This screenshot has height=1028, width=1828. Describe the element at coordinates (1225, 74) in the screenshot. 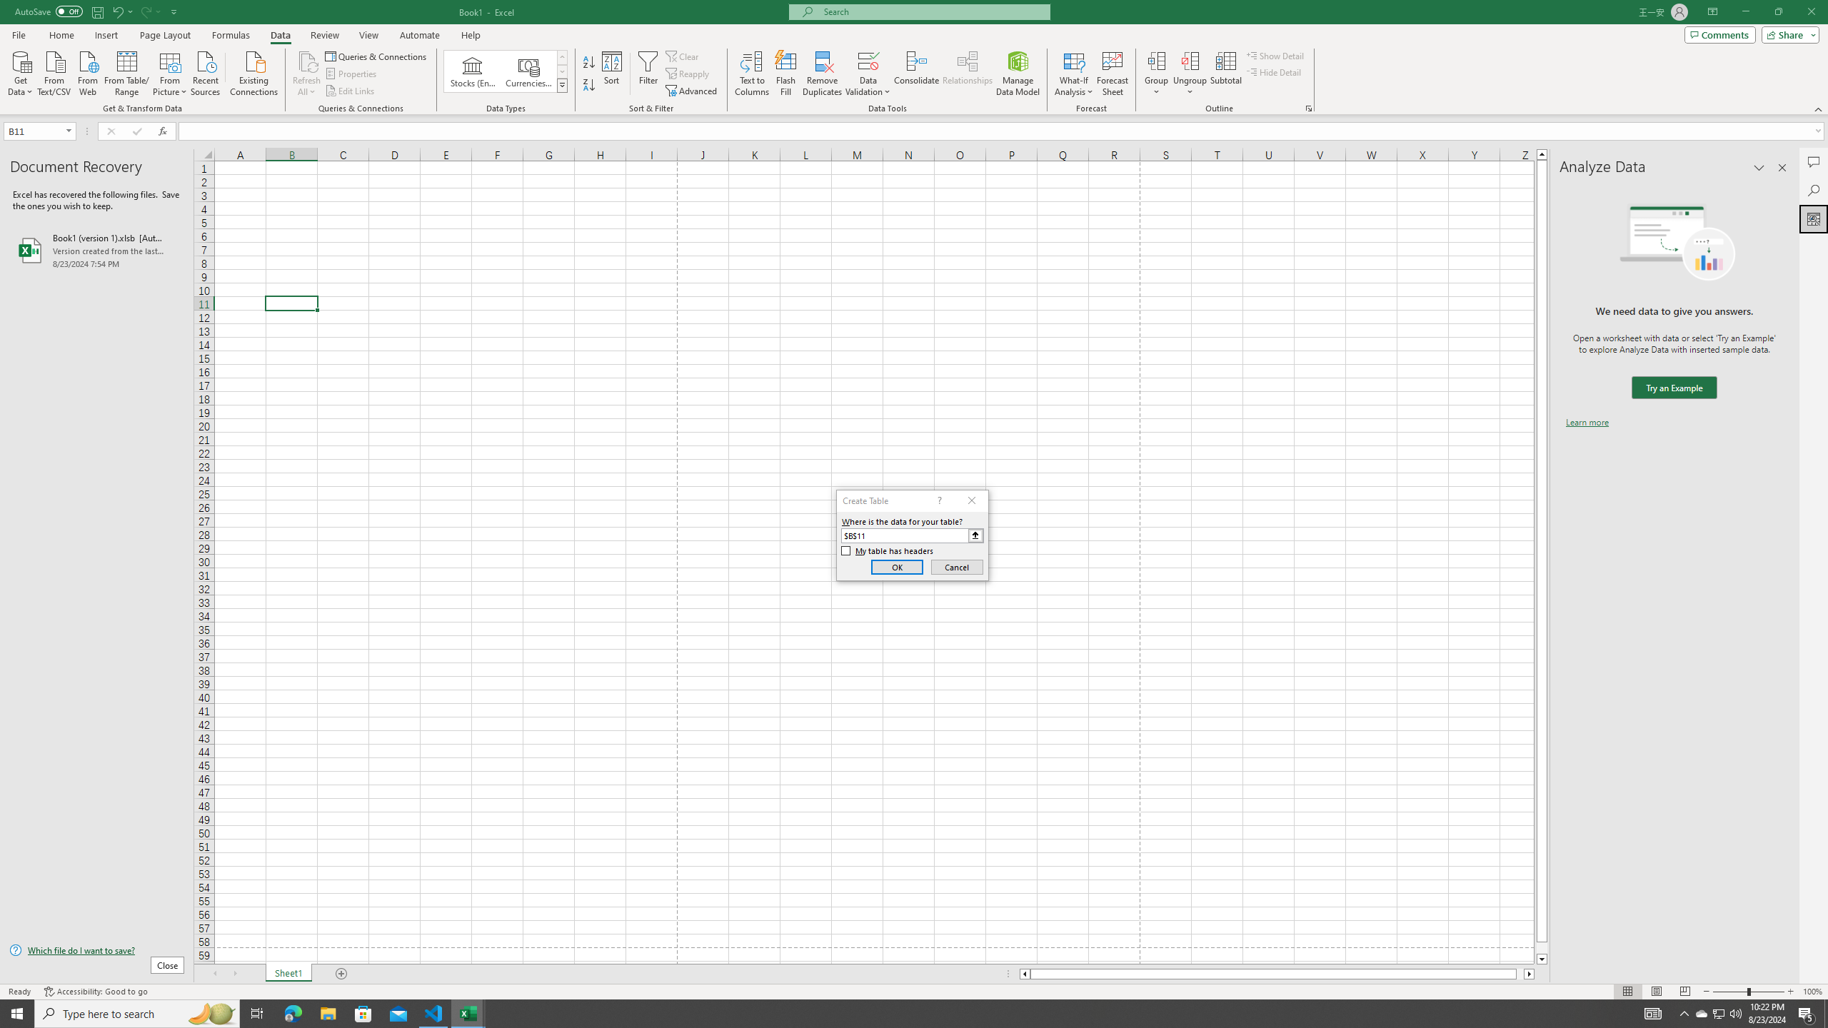

I see `'Subtotal'` at that location.